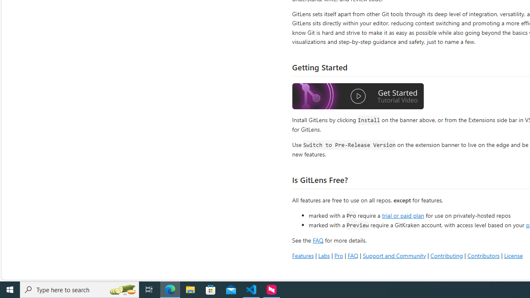 This screenshot has width=530, height=298. What do you see at coordinates (353, 255) in the screenshot?
I see `'FAQ'` at bounding box center [353, 255].